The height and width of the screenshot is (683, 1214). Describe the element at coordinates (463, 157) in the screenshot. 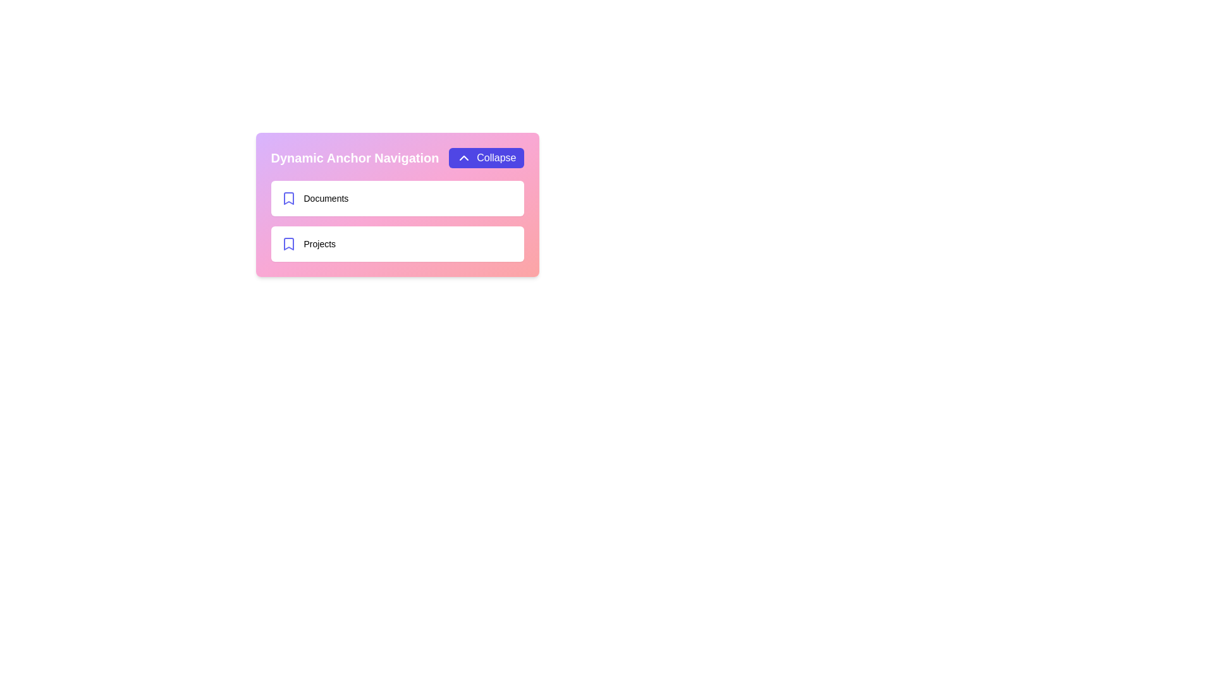

I see `the Chevron Up icon located next to the 'Collapse' button in the upper-right corner of the dynamic anchor navigation card` at that location.